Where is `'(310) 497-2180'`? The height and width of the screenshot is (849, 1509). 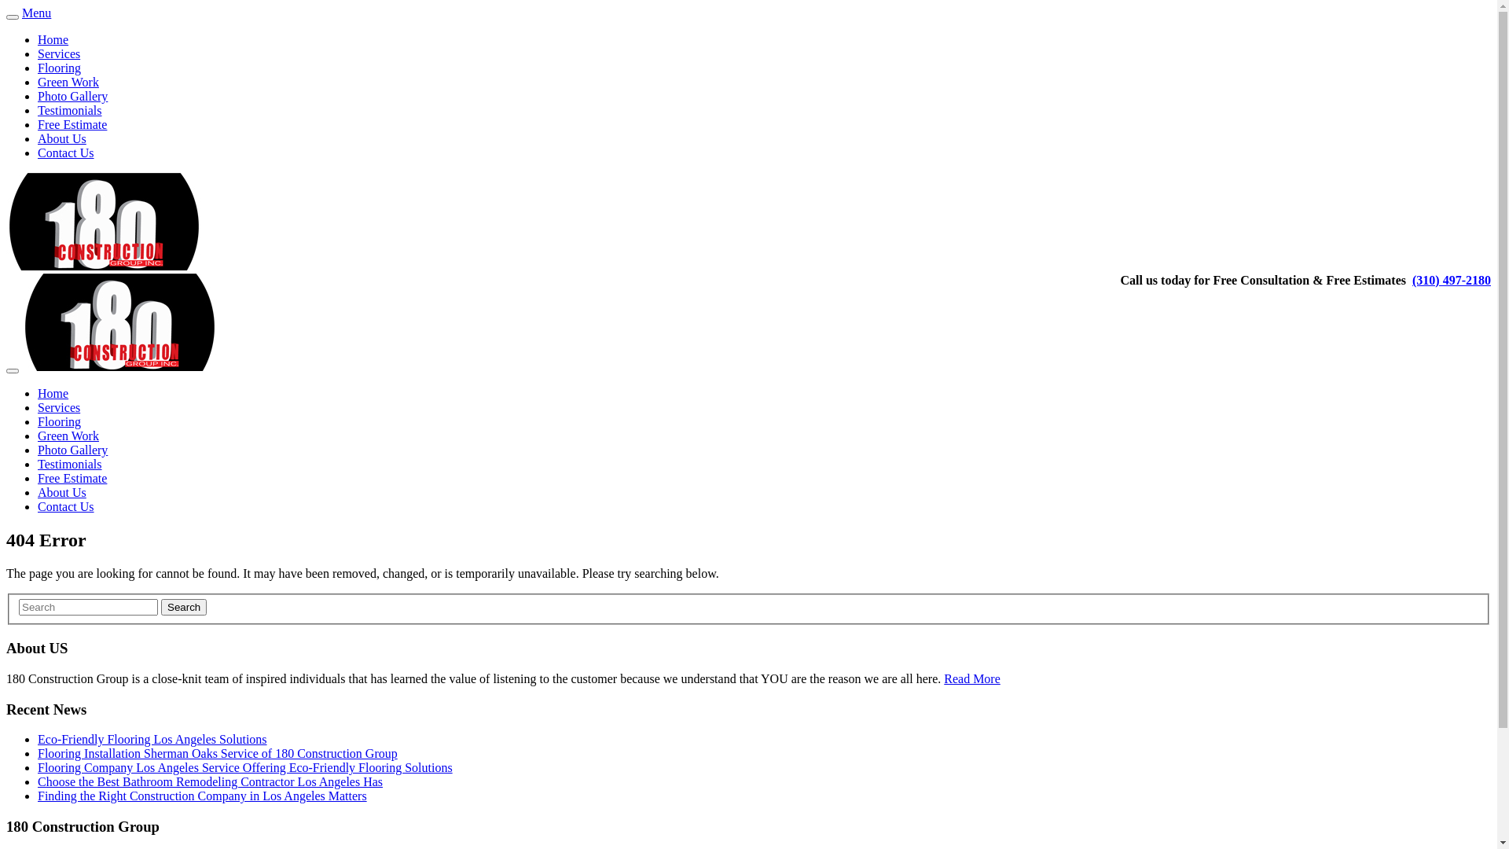
'(310) 497-2180' is located at coordinates (1451, 279).